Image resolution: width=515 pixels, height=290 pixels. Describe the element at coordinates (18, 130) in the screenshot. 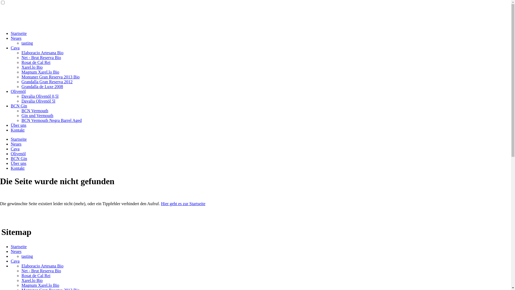

I see `'Kontakt'` at that location.